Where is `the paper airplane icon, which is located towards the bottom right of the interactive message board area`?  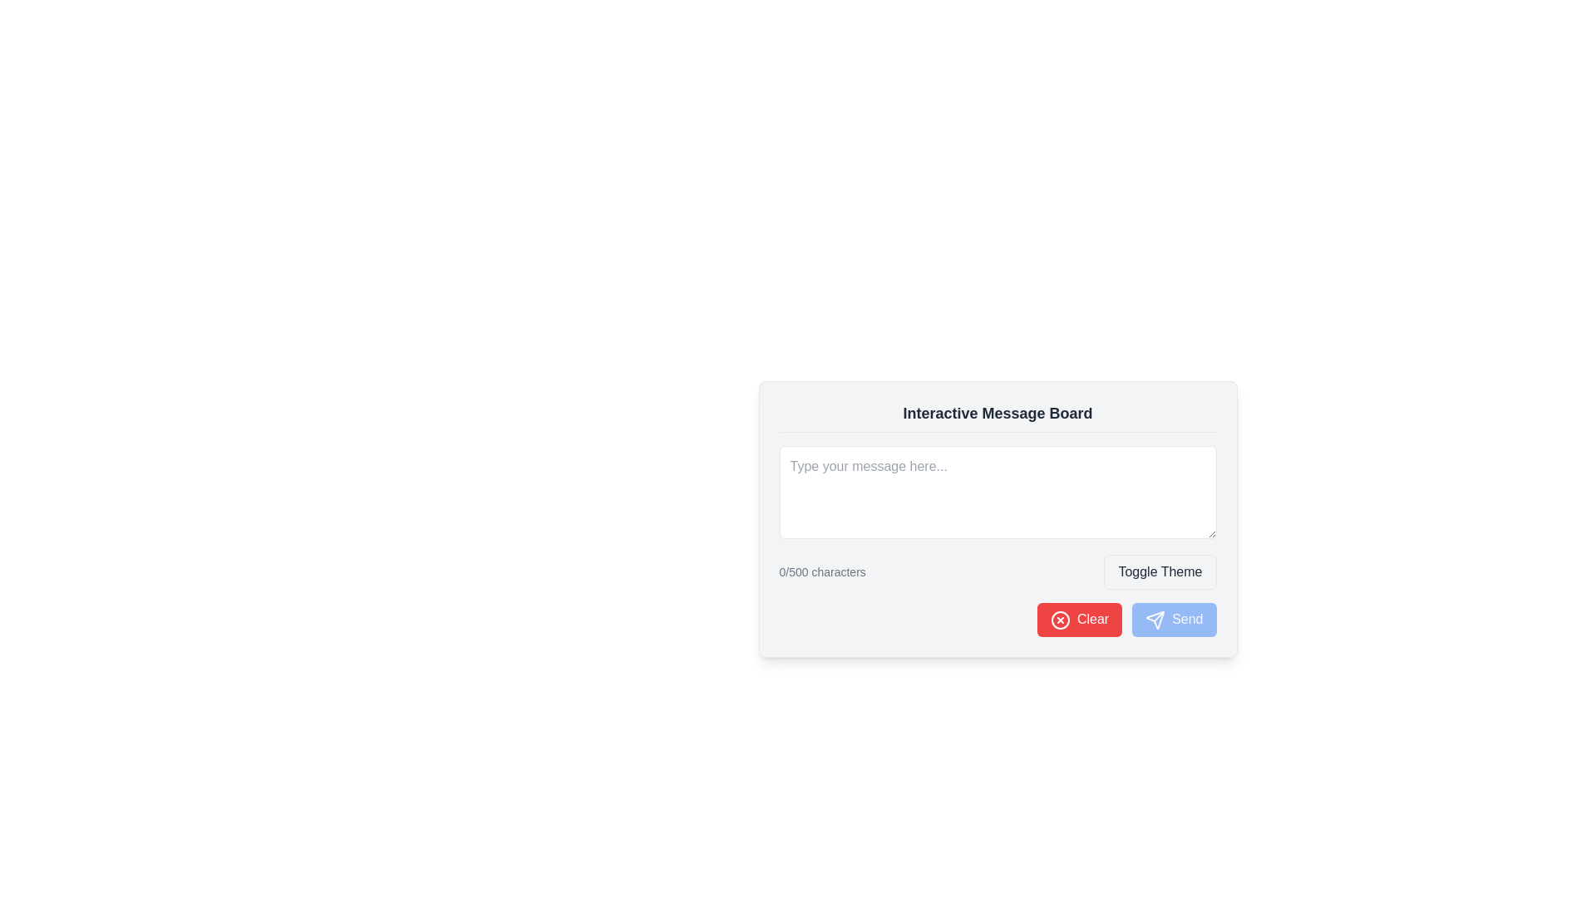 the paper airplane icon, which is located towards the bottom right of the interactive message board area is located at coordinates (1155, 619).